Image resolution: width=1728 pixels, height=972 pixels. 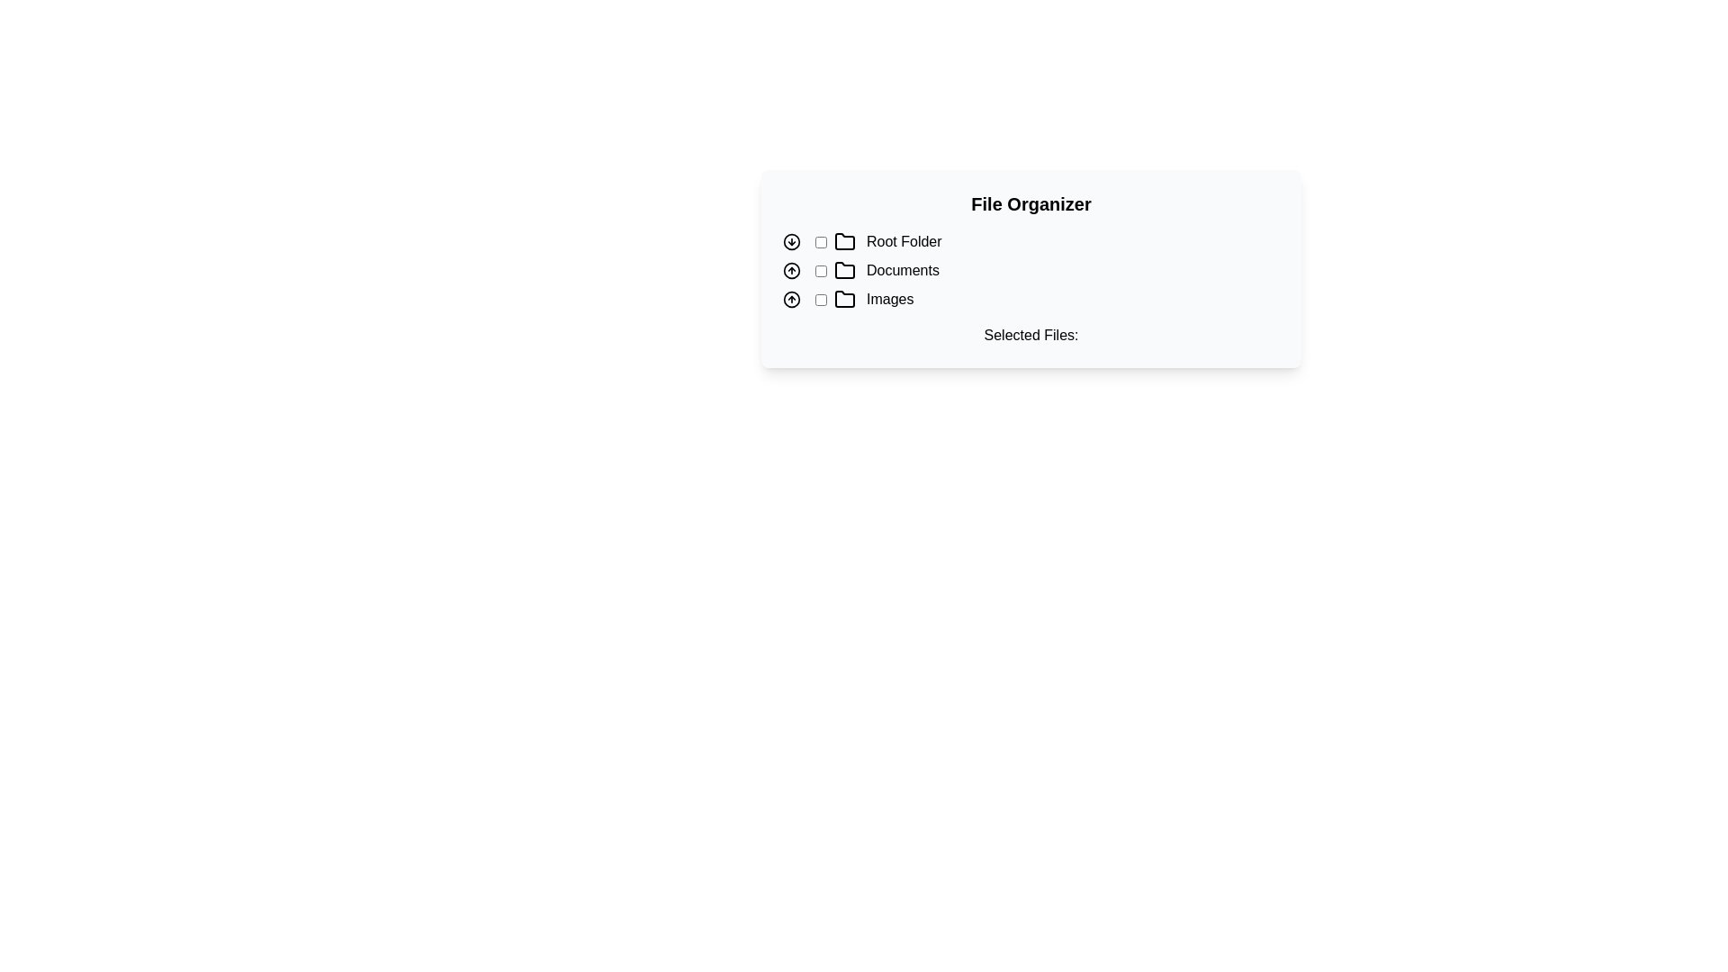 What do you see at coordinates (791, 270) in the screenshot?
I see `the graphical circular shape that serves as the outermost circle of the icon representing 'Documents', located to the left of the 'Documents' label in a vertical list of file categories` at bounding box center [791, 270].